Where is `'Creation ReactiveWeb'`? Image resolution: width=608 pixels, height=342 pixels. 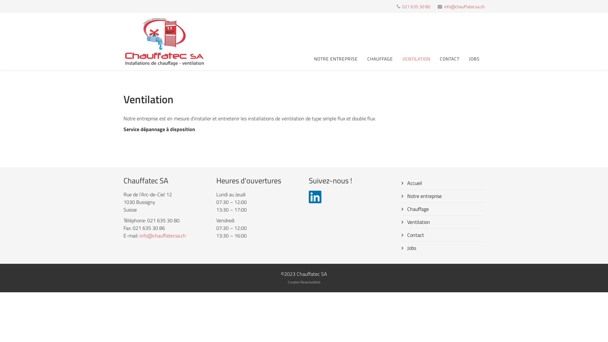
'Creation ReactiveWeb' is located at coordinates (303, 282).